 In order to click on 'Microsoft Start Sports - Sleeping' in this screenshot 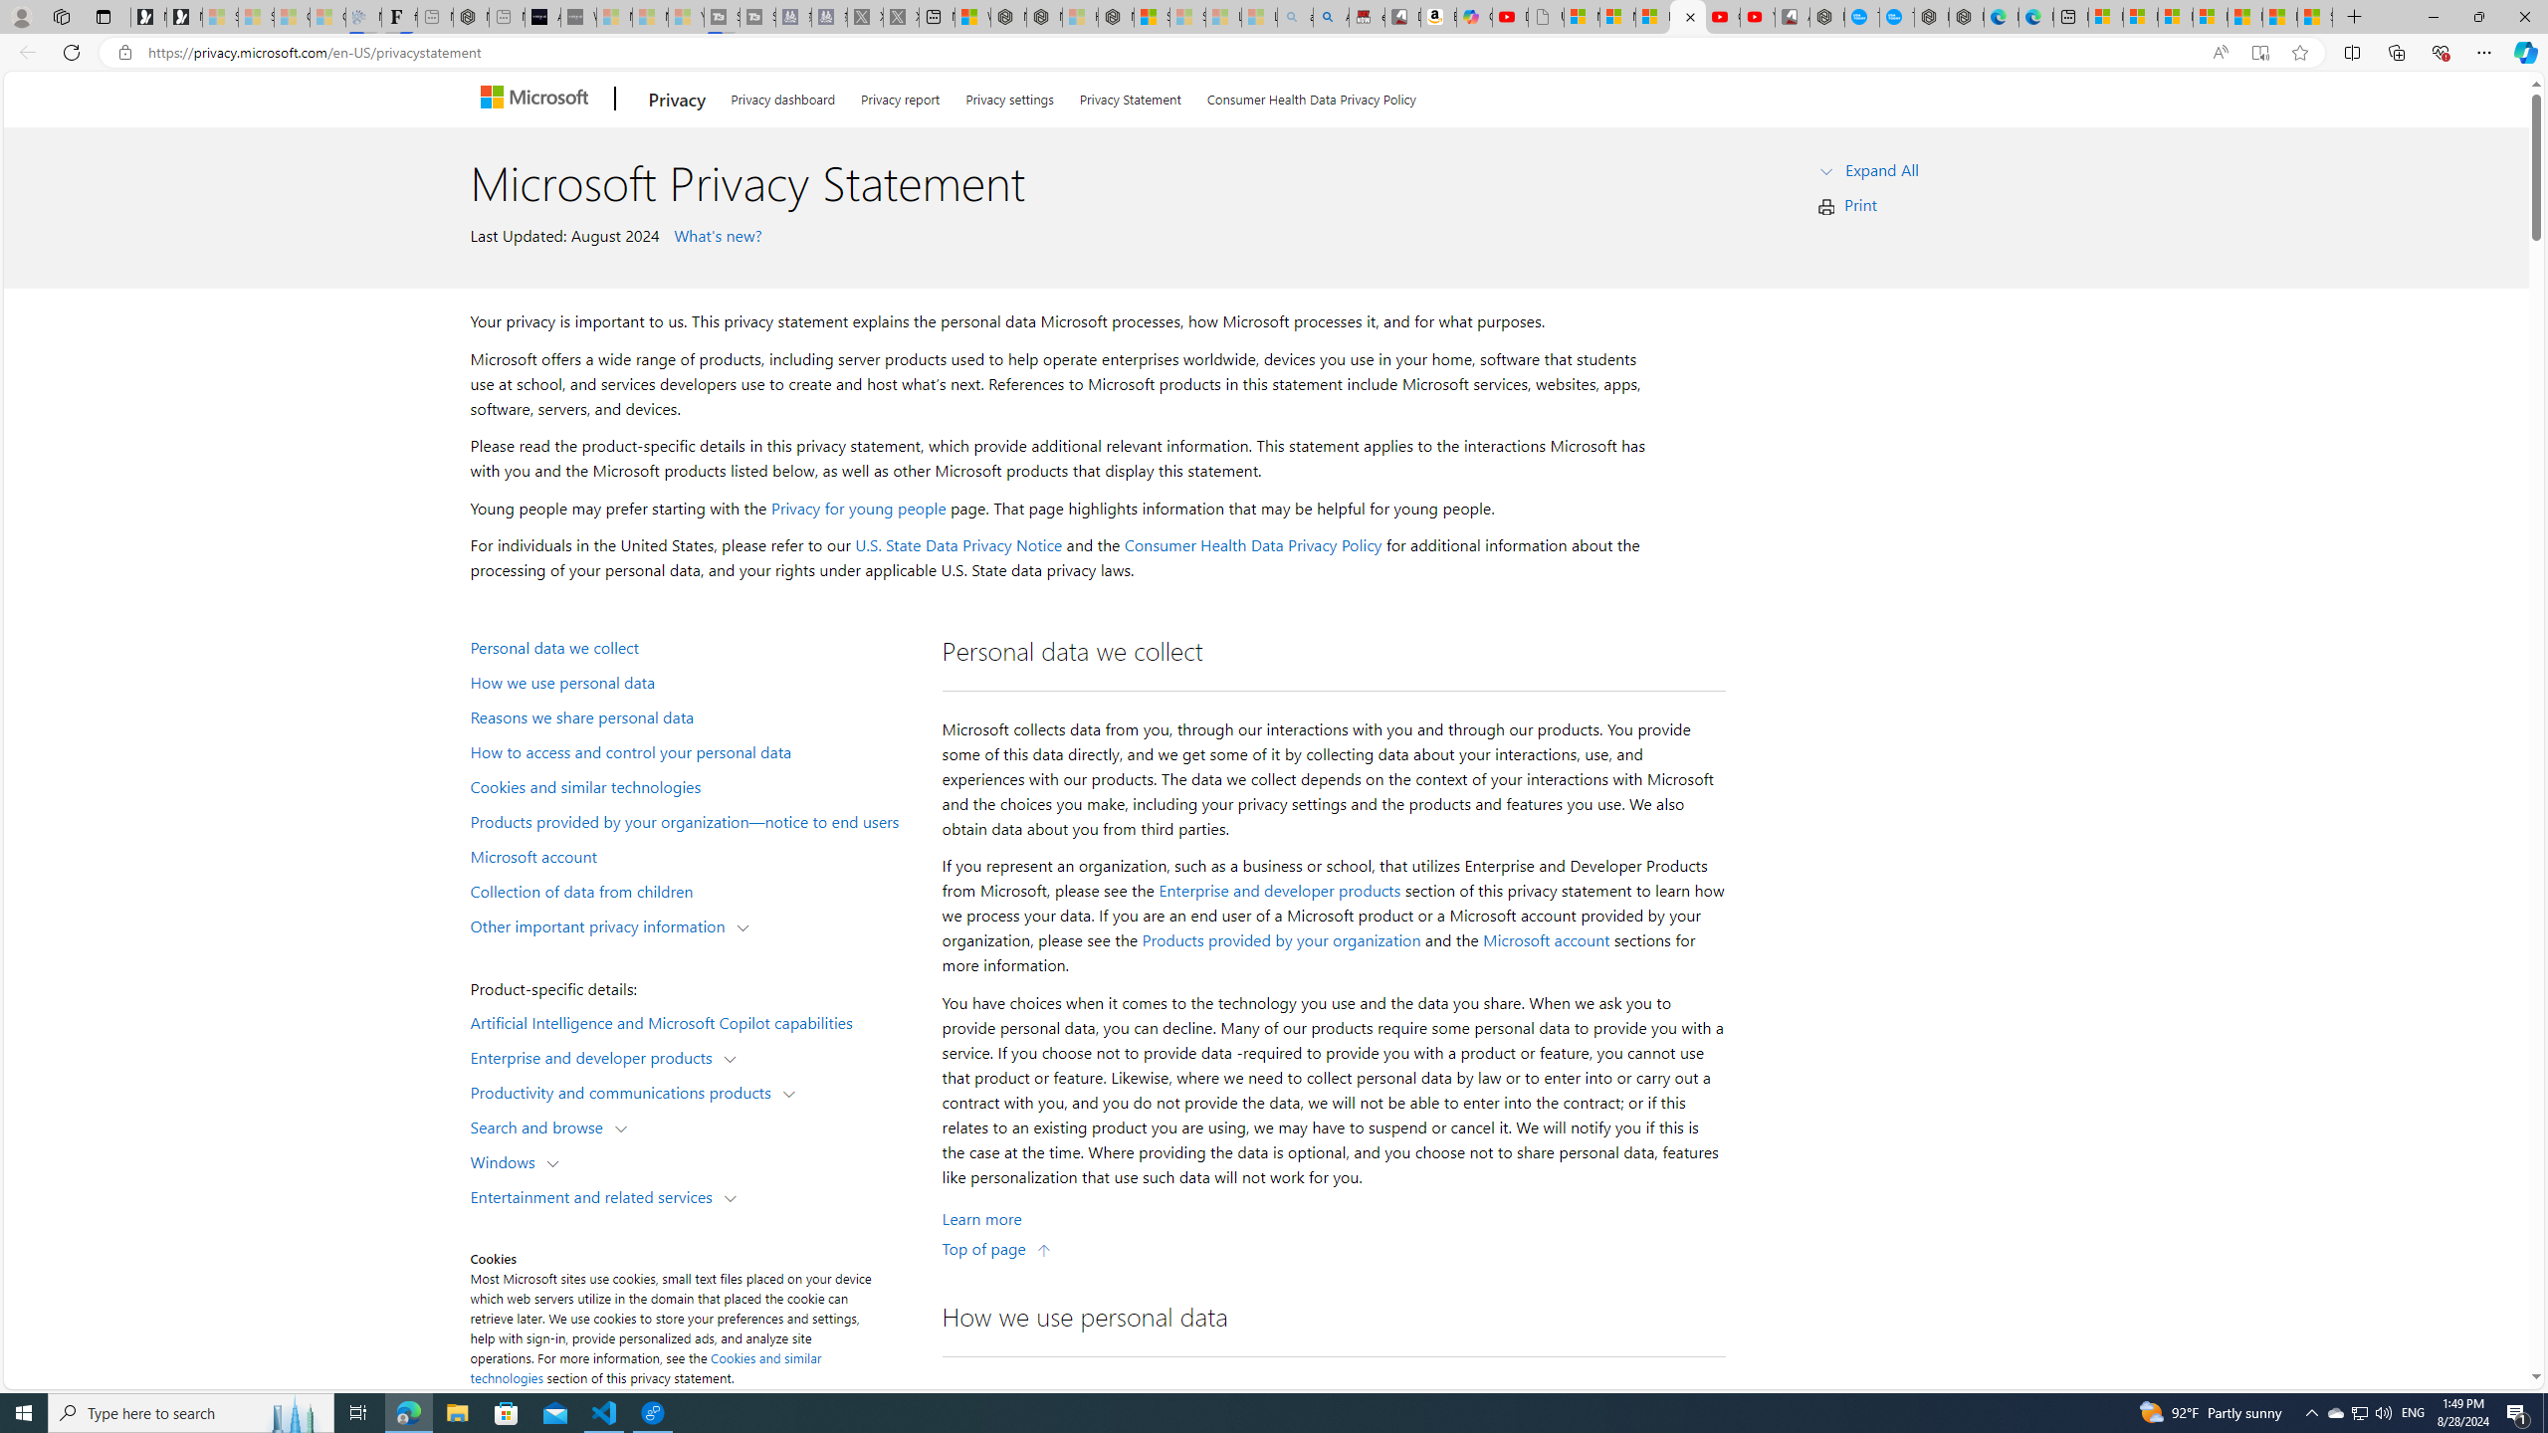, I will do `click(614, 16)`.